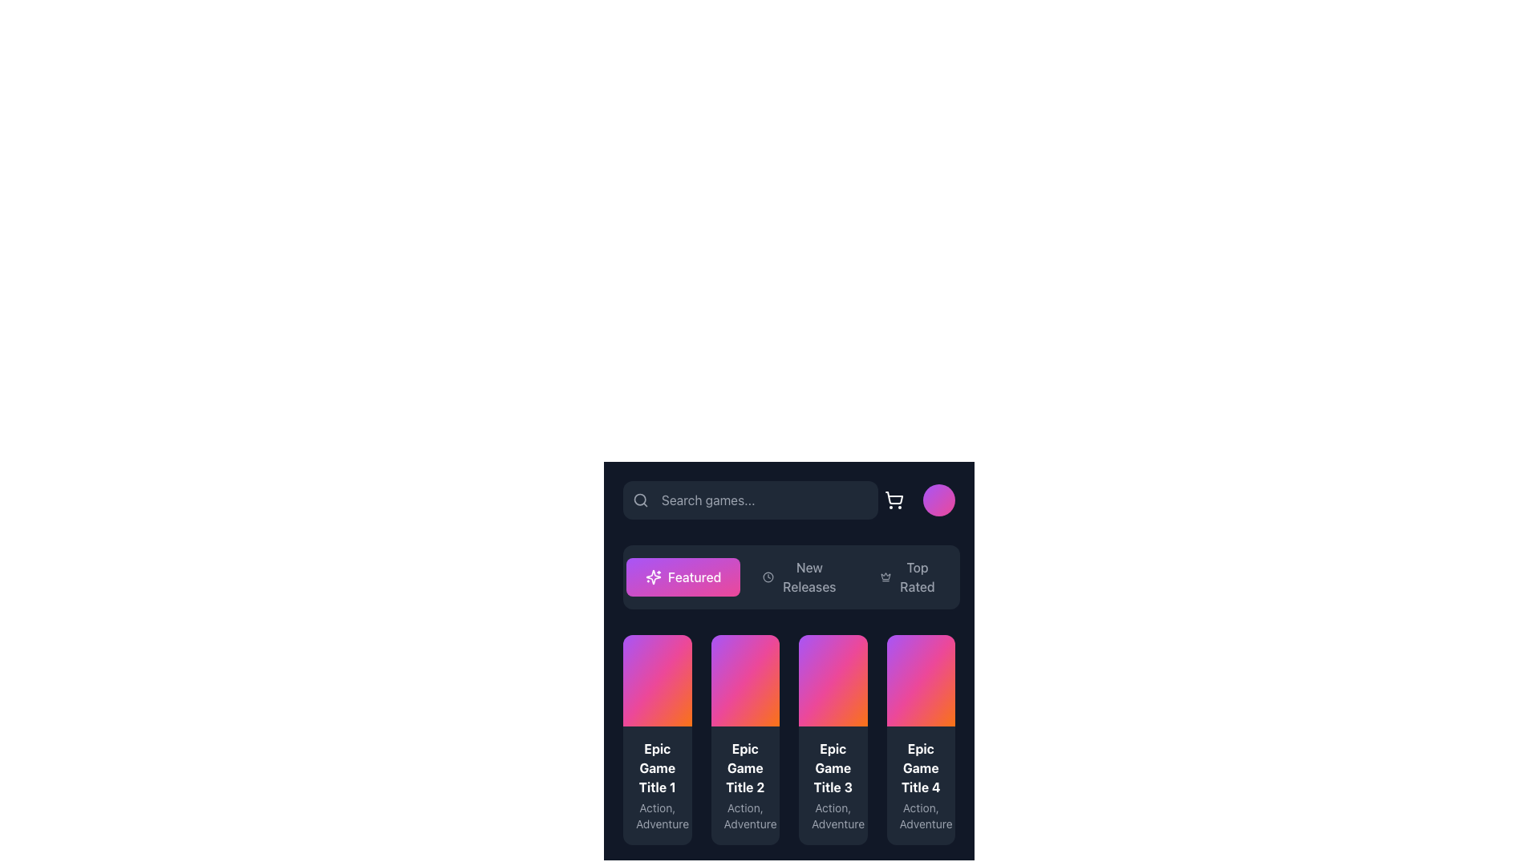 The image size is (1540, 866). What do you see at coordinates (657, 680) in the screenshot?
I see `the Decorative Gradient Background located in the first card on the left under the 'Featured' button to enhance its aesthetic appeal` at bounding box center [657, 680].